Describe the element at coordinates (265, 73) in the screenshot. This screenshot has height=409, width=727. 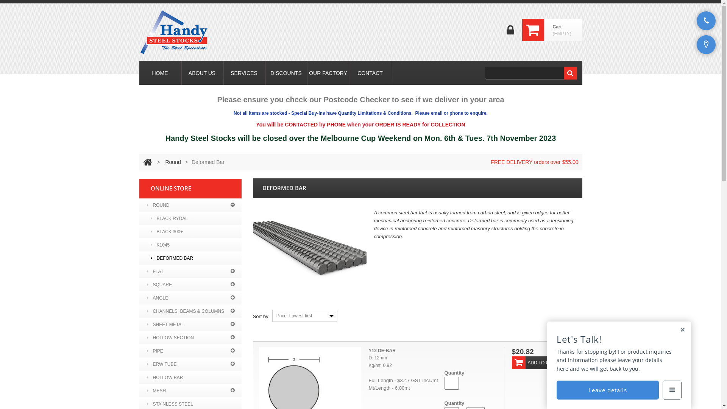
I see `'DISCOUNTS'` at that location.